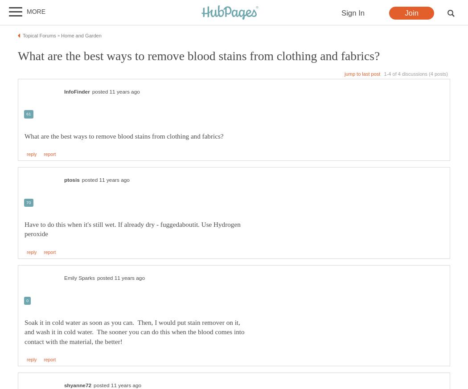 The height and width of the screenshot is (389, 468). I want to click on 'Jump to Last Post', so click(345, 73).